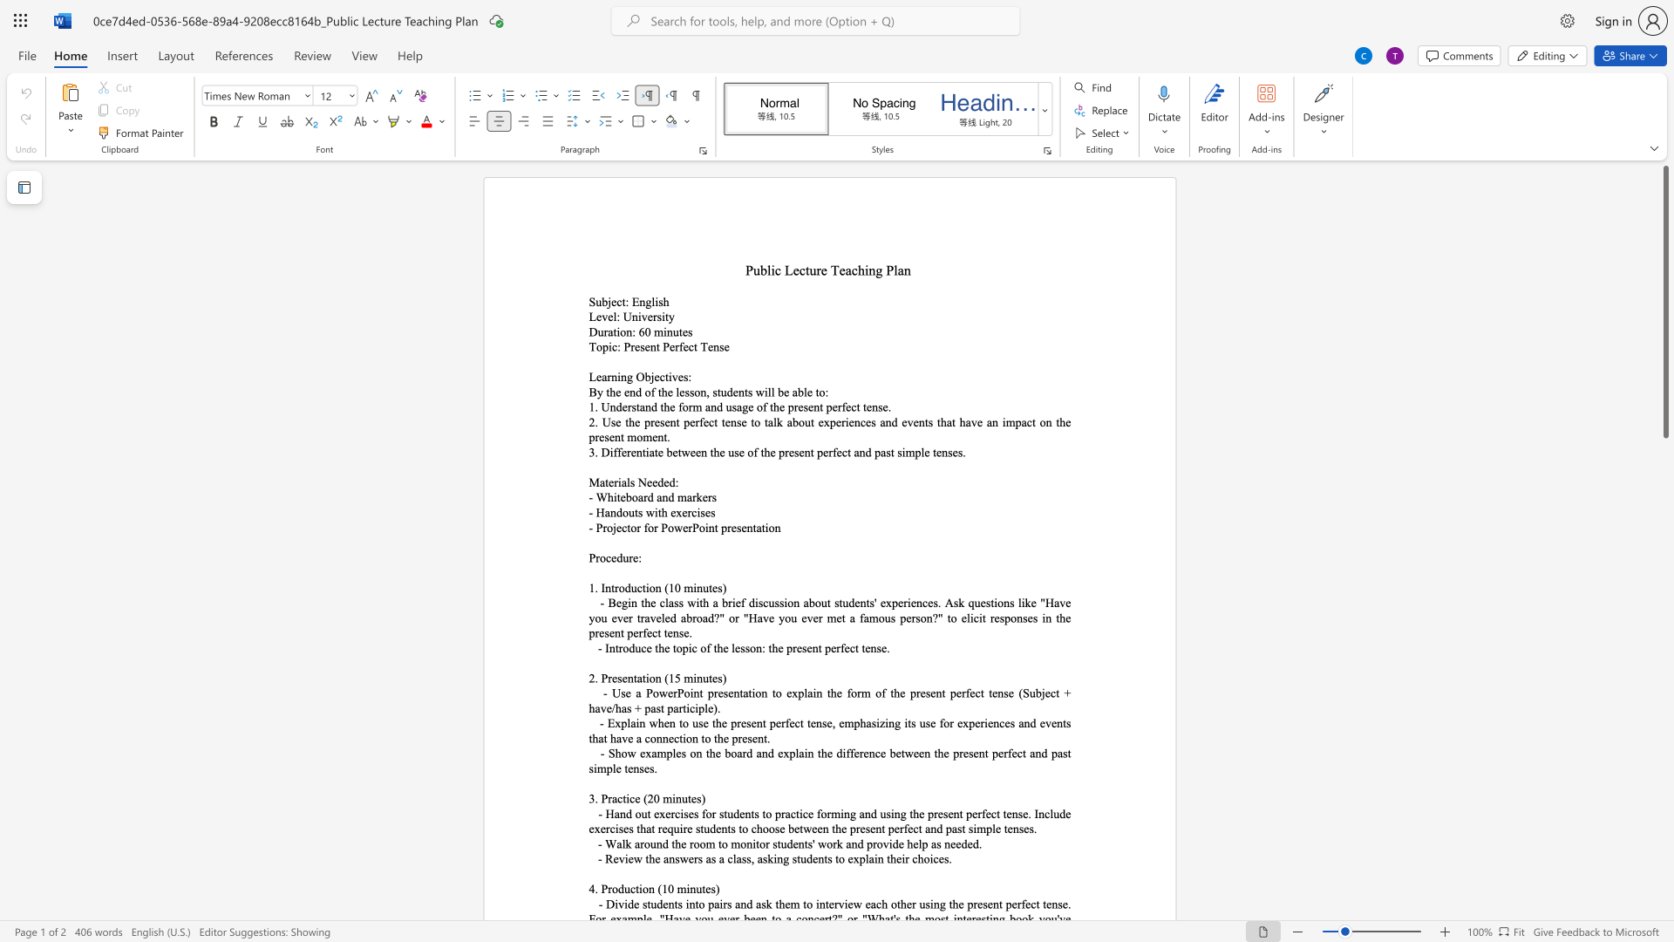 The width and height of the screenshot is (1674, 942). Describe the element at coordinates (792, 270) in the screenshot. I see `the space between the continuous character "L" and "e" in the text` at that location.